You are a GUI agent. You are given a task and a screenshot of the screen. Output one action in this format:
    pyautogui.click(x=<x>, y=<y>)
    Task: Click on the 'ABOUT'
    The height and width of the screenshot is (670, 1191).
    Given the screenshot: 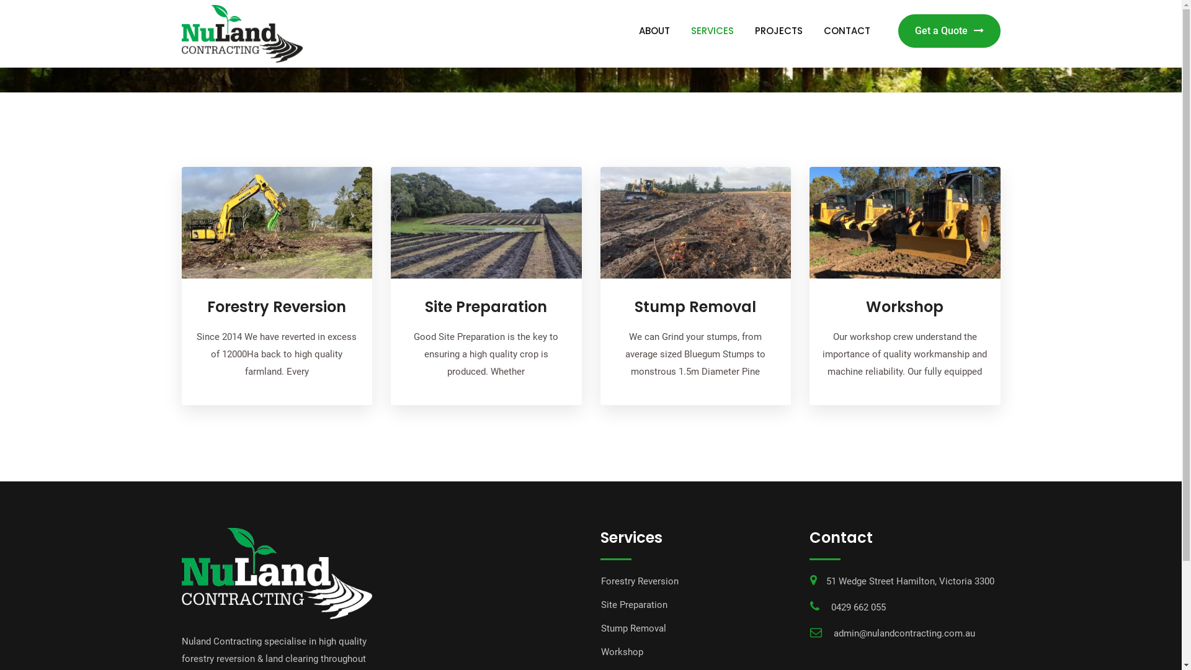 What is the action you would take?
    pyautogui.click(x=628, y=30)
    